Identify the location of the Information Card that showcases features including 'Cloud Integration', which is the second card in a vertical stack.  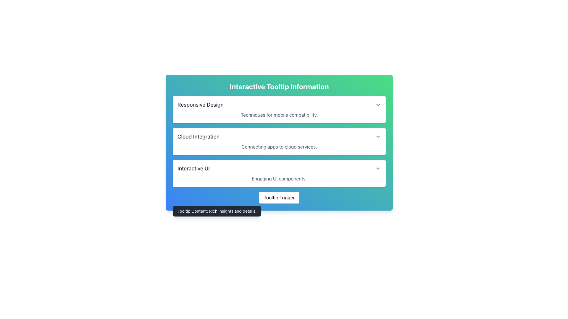
(279, 142).